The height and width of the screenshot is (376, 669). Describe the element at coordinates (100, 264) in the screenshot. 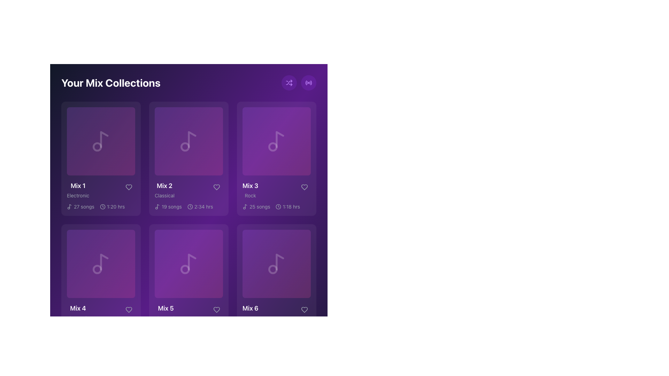

I see `the 'Mix 4' interactive visual button or card, which has a rounded square shape with a gradient background from purple to pink and features a white music note icon at its center` at that location.